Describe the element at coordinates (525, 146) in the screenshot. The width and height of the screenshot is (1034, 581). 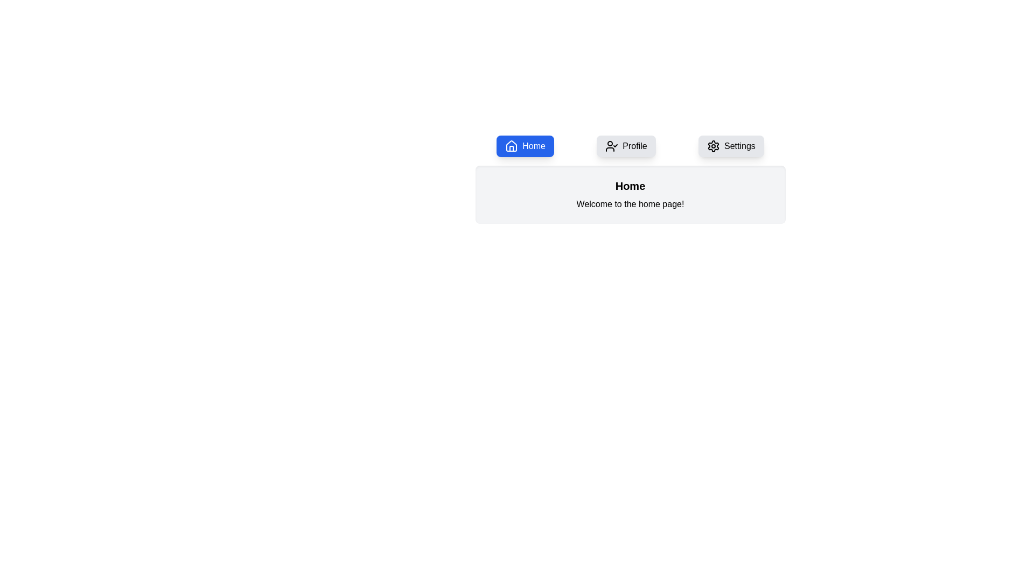
I see `the Home tab by clicking its corresponding button` at that location.